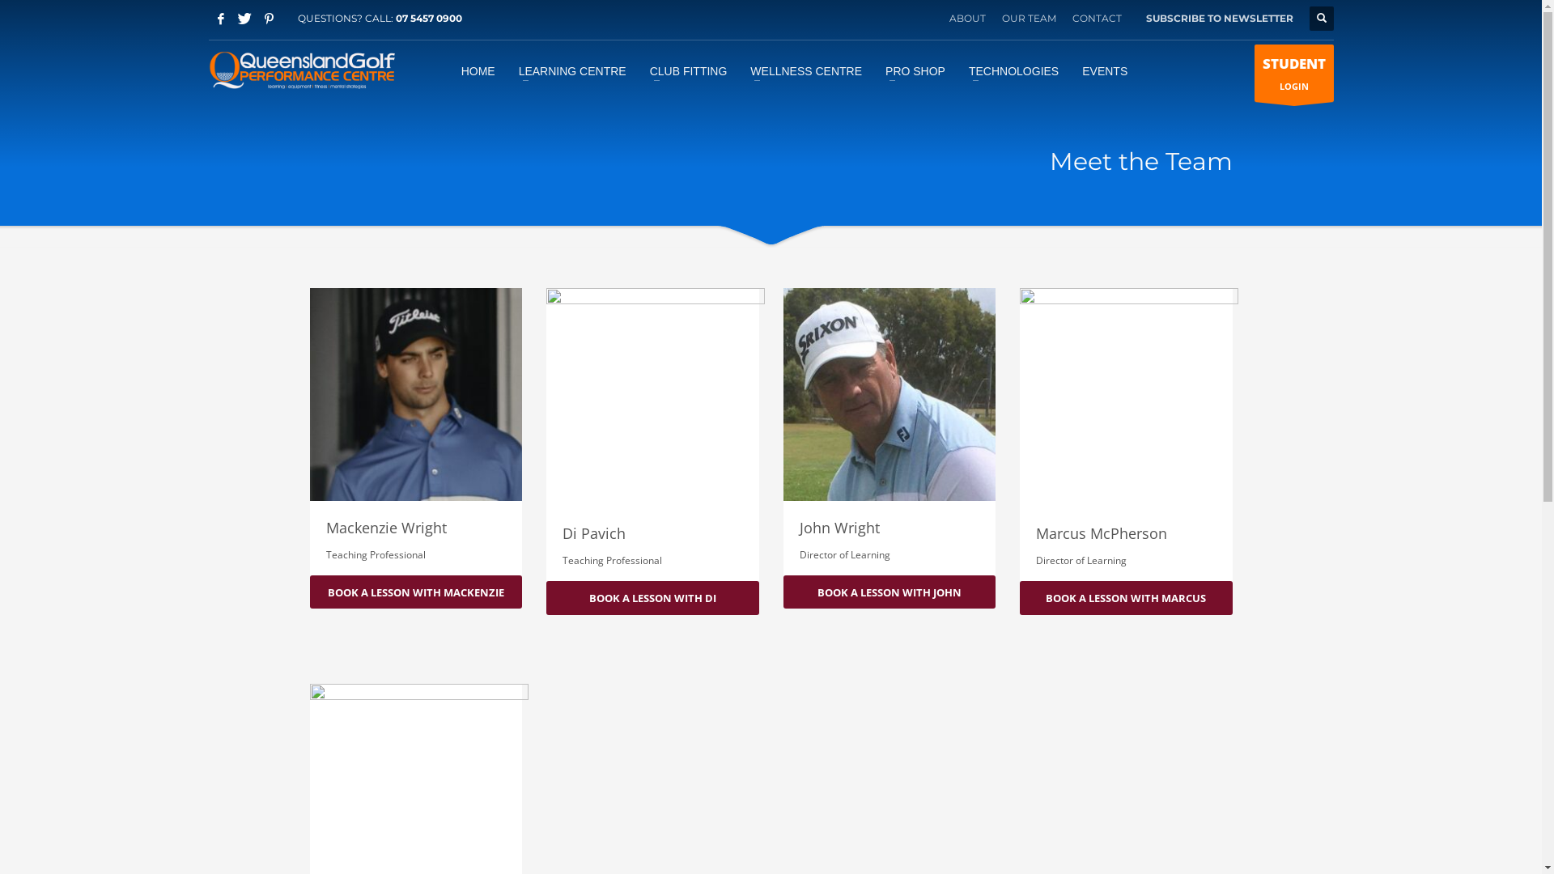 The image size is (1554, 874). What do you see at coordinates (415, 431) in the screenshot?
I see `'Mackenzie Wright` at bounding box center [415, 431].